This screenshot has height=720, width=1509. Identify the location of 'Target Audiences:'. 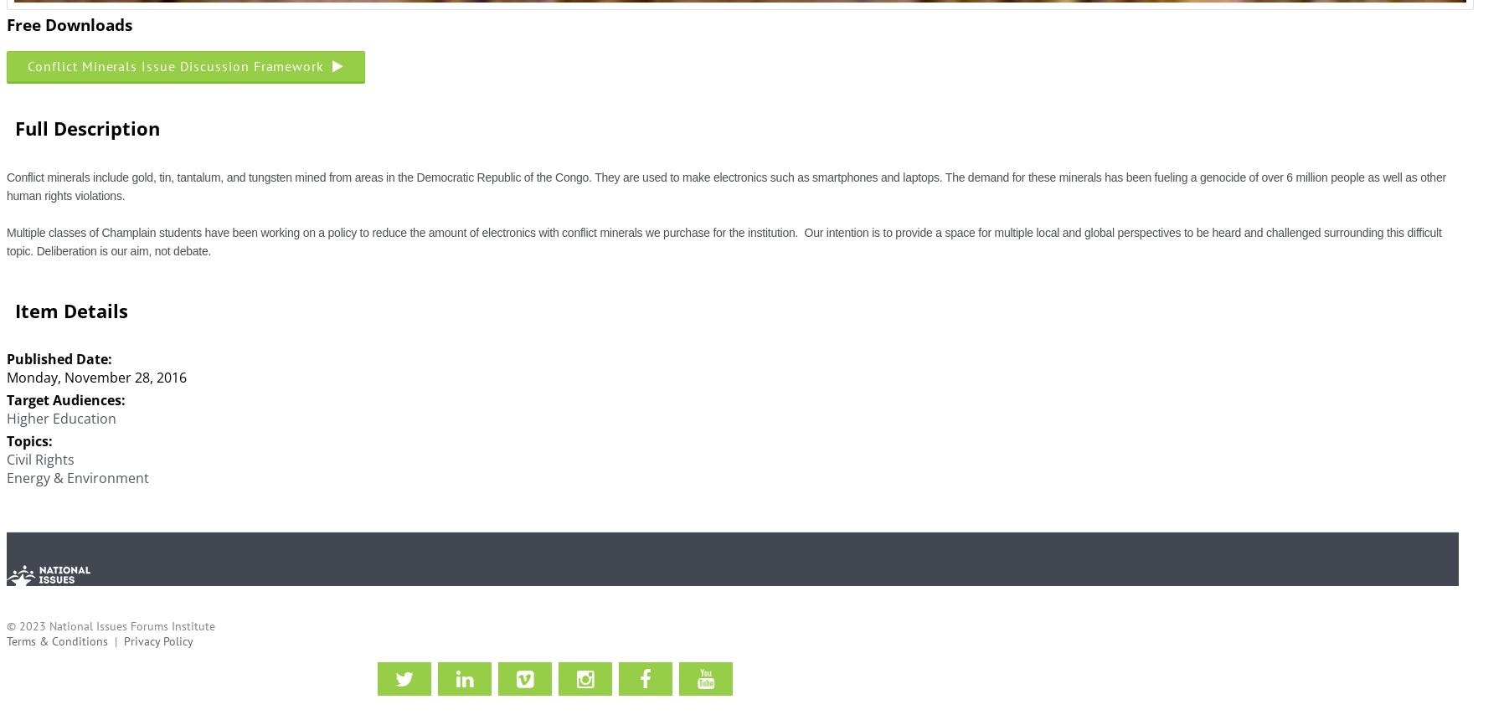
(67, 399).